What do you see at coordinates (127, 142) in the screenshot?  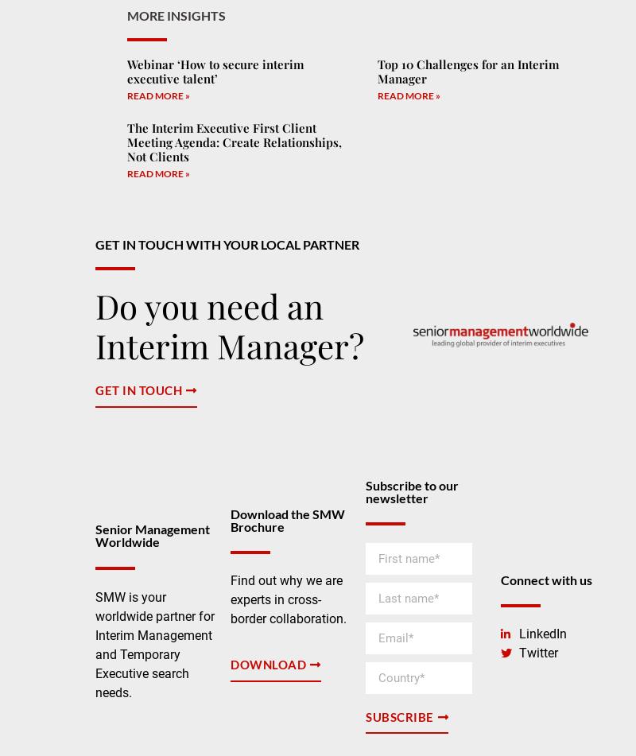 I see `'The Interim Executive First Client Meeting Agenda: Create Relationships, Not Clients'` at bounding box center [127, 142].